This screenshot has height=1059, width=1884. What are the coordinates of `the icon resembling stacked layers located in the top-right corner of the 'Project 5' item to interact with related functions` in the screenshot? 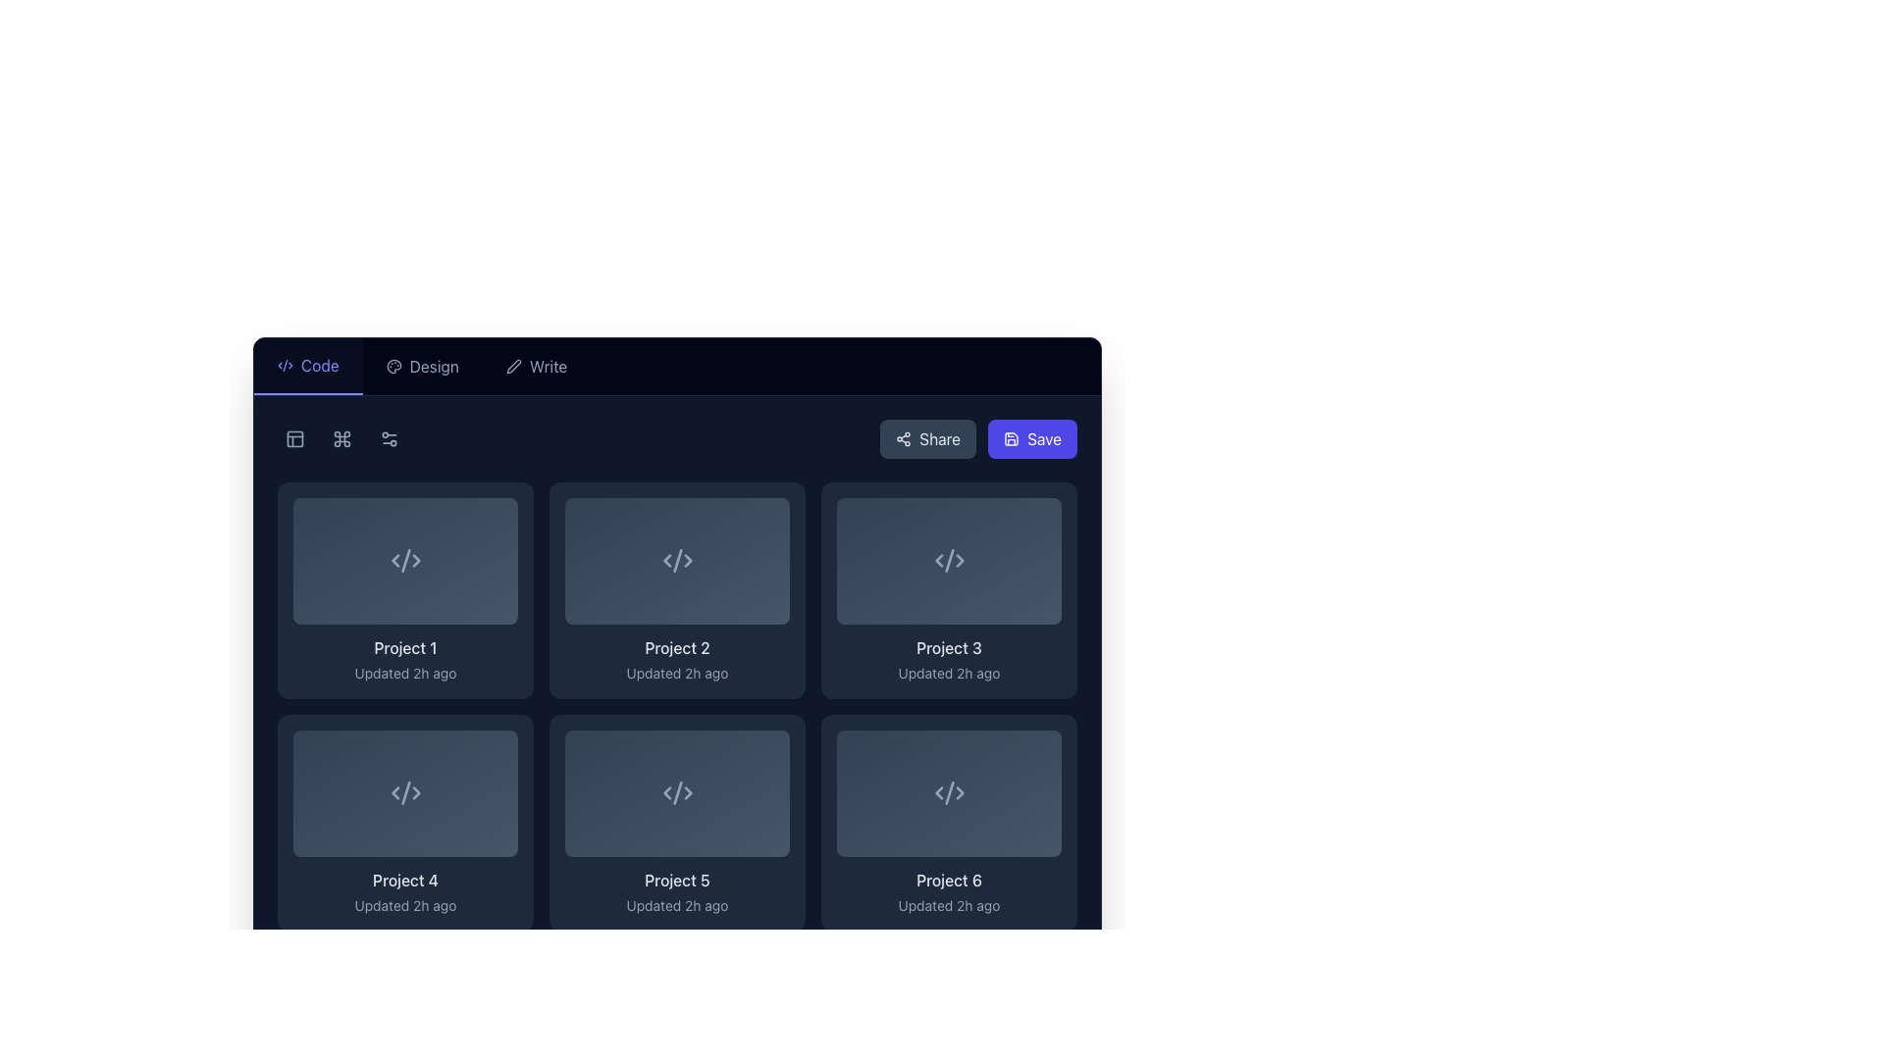 It's located at (786, 733).